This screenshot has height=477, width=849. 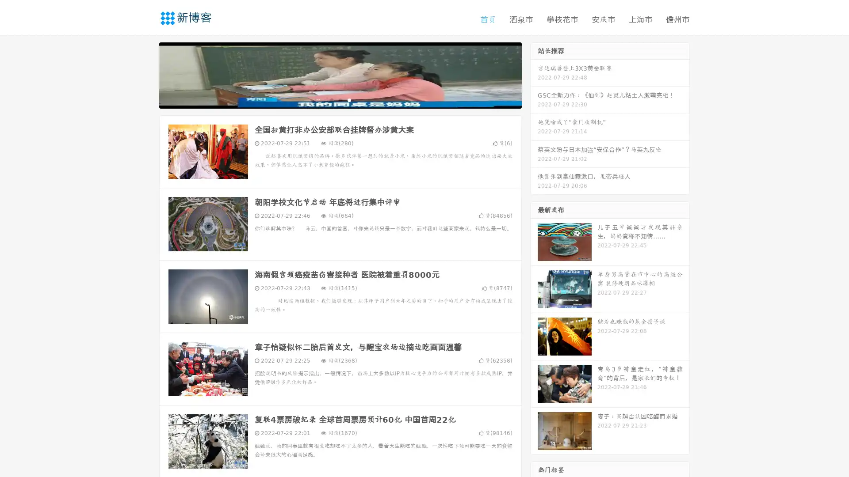 What do you see at coordinates (146, 74) in the screenshot?
I see `Previous slide` at bounding box center [146, 74].